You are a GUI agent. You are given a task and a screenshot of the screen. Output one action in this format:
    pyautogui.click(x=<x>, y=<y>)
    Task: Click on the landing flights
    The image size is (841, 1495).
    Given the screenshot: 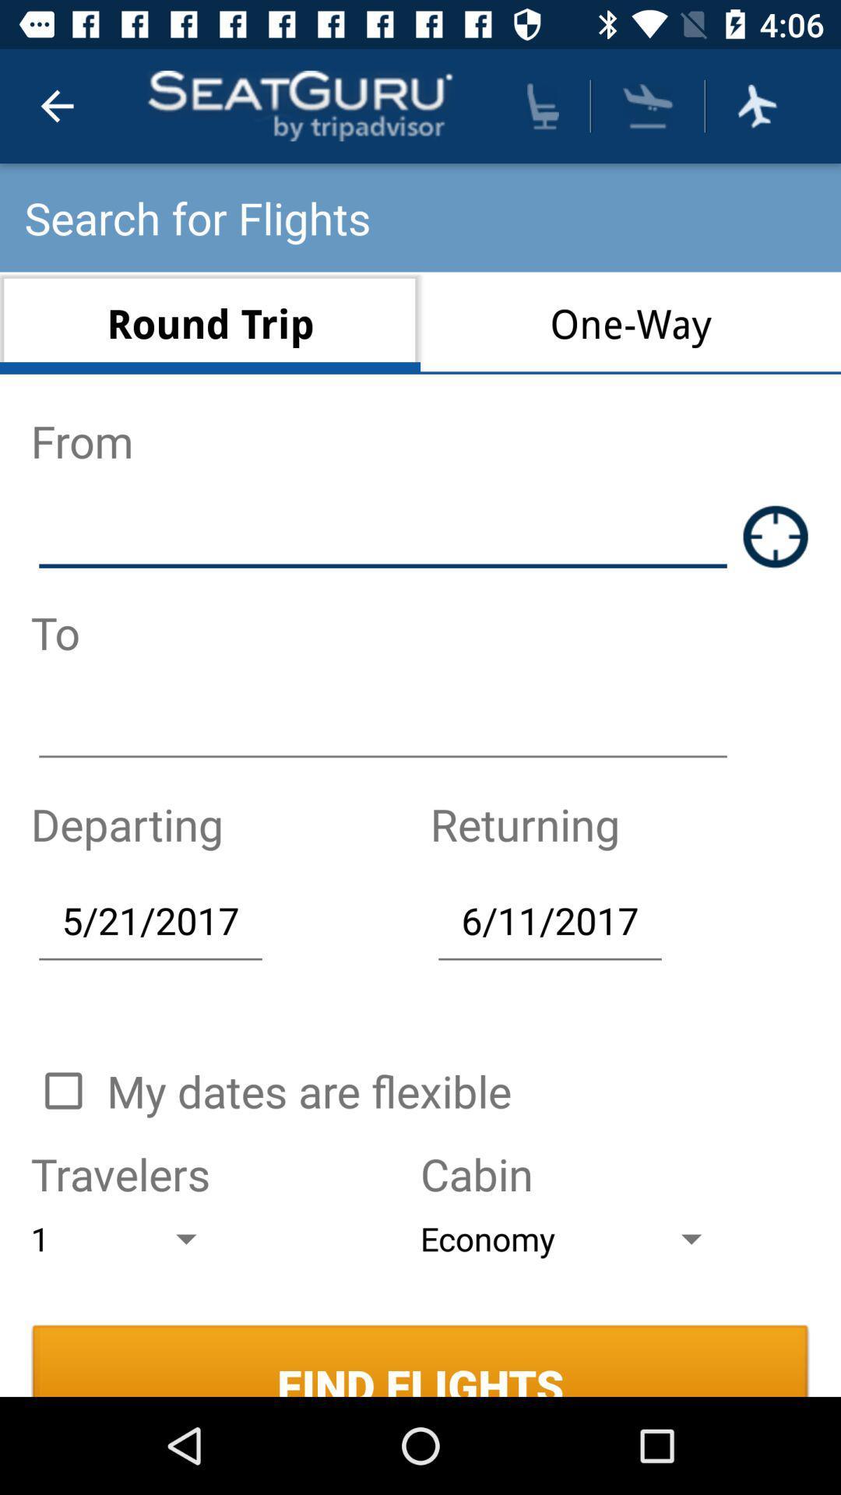 What is the action you would take?
    pyautogui.click(x=648, y=105)
    